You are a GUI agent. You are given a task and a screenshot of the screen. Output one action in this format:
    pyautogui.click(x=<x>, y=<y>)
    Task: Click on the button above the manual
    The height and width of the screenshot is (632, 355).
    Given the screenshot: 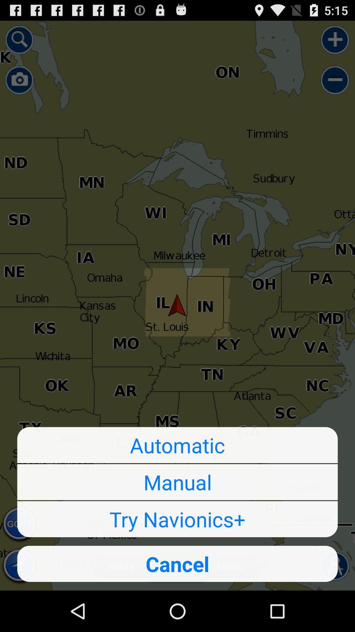 What is the action you would take?
    pyautogui.click(x=177, y=445)
    